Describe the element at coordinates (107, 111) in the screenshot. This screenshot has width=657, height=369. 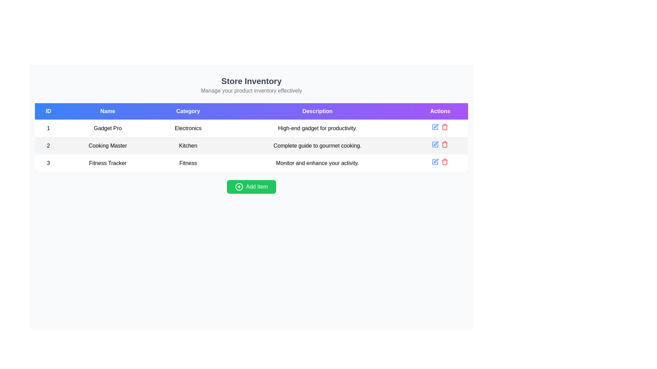
I see `the 'Name' text label, which has a gradient blue background and white text, located in the header row of the table` at that location.